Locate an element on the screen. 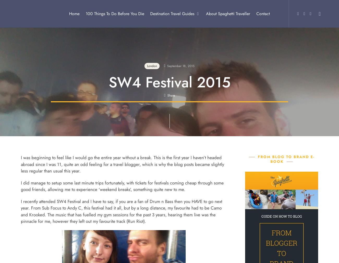 The height and width of the screenshot is (263, 339). 'Email' is located at coordinates (170, 135).